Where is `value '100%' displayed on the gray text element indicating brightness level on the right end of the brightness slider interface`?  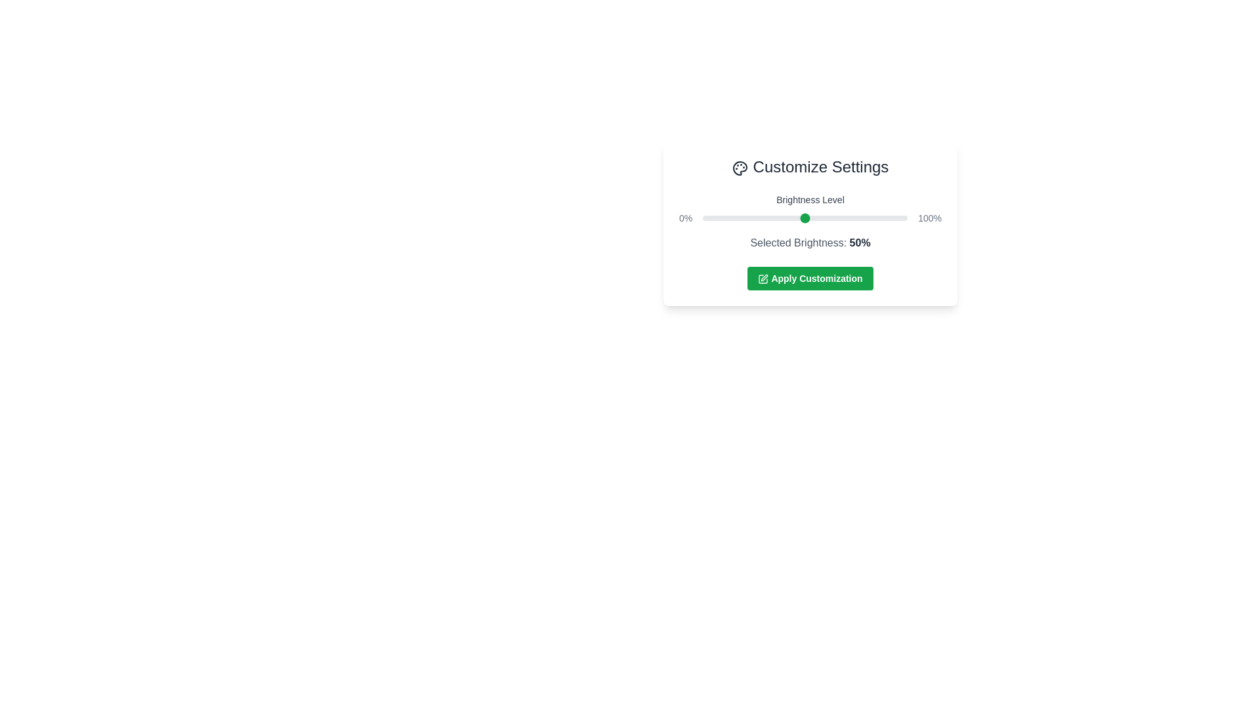
value '100%' displayed on the gray text element indicating brightness level on the right end of the brightness slider interface is located at coordinates (929, 217).